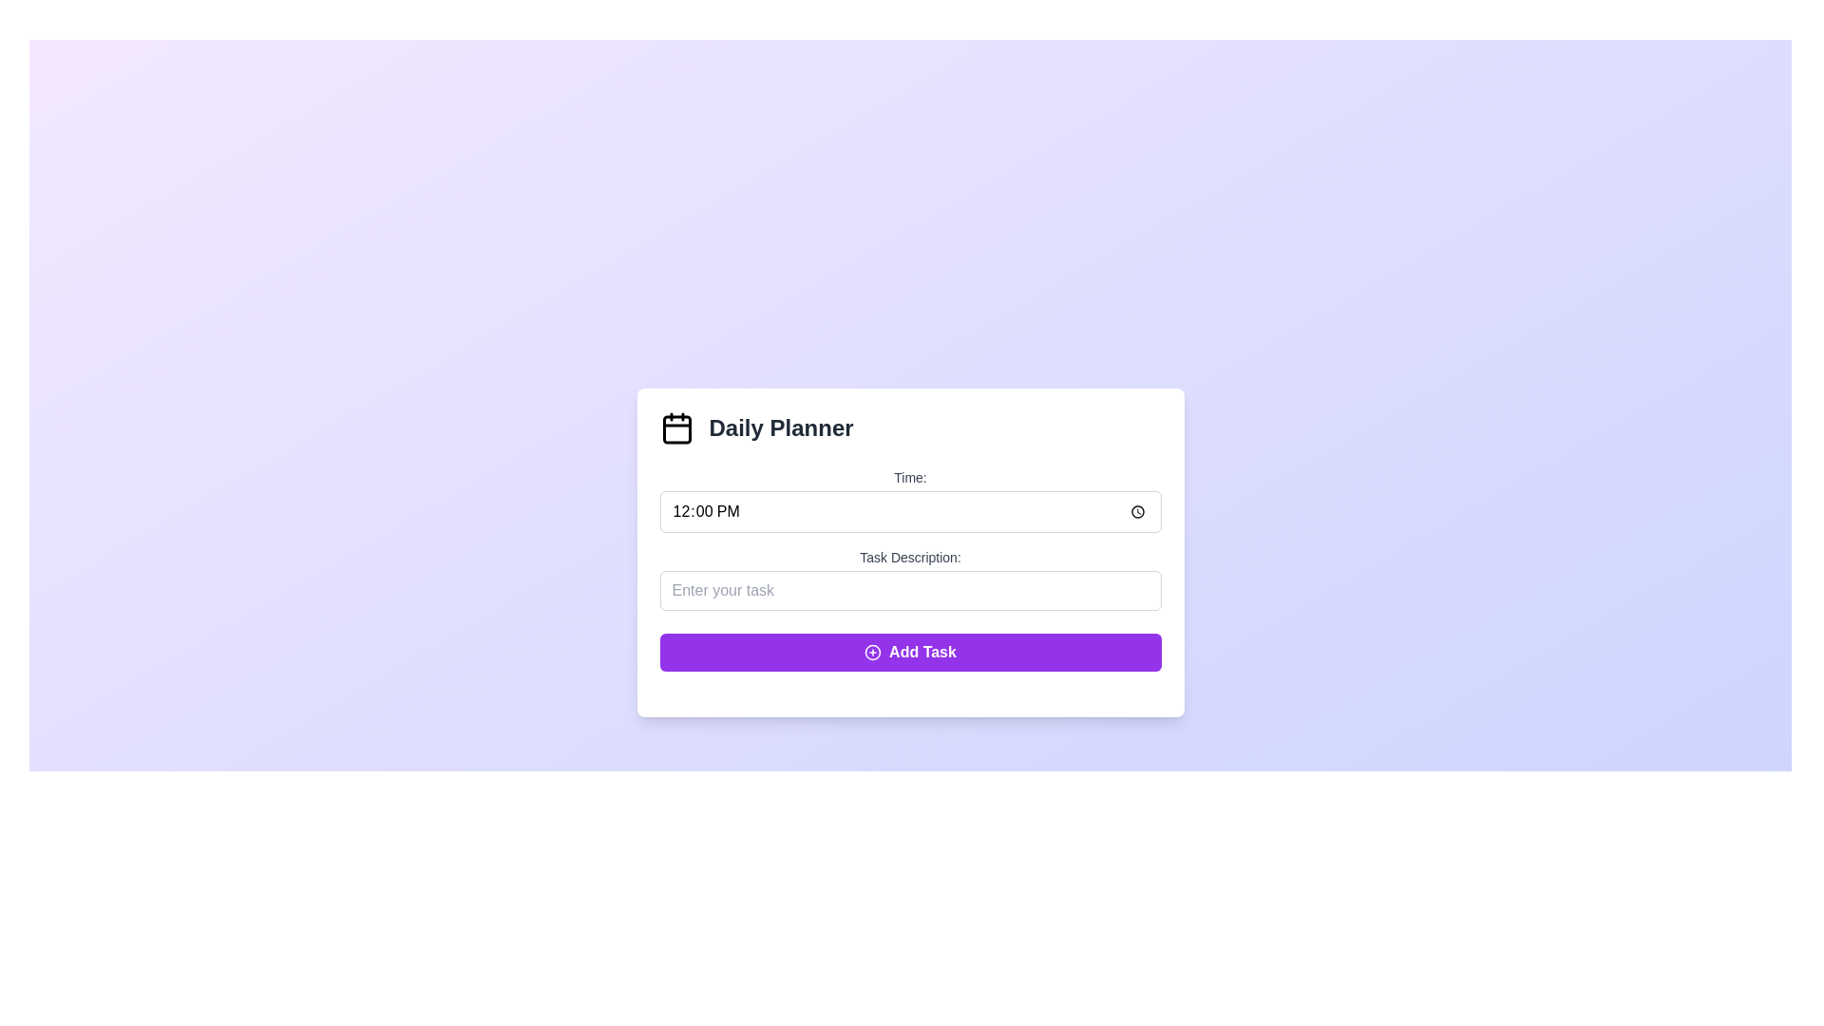  Describe the element at coordinates (676, 428) in the screenshot. I see `the calendar icon located in the header of the 'Daily Planner' section, which is positioned to the left of the text 'Daily Planner'` at that location.